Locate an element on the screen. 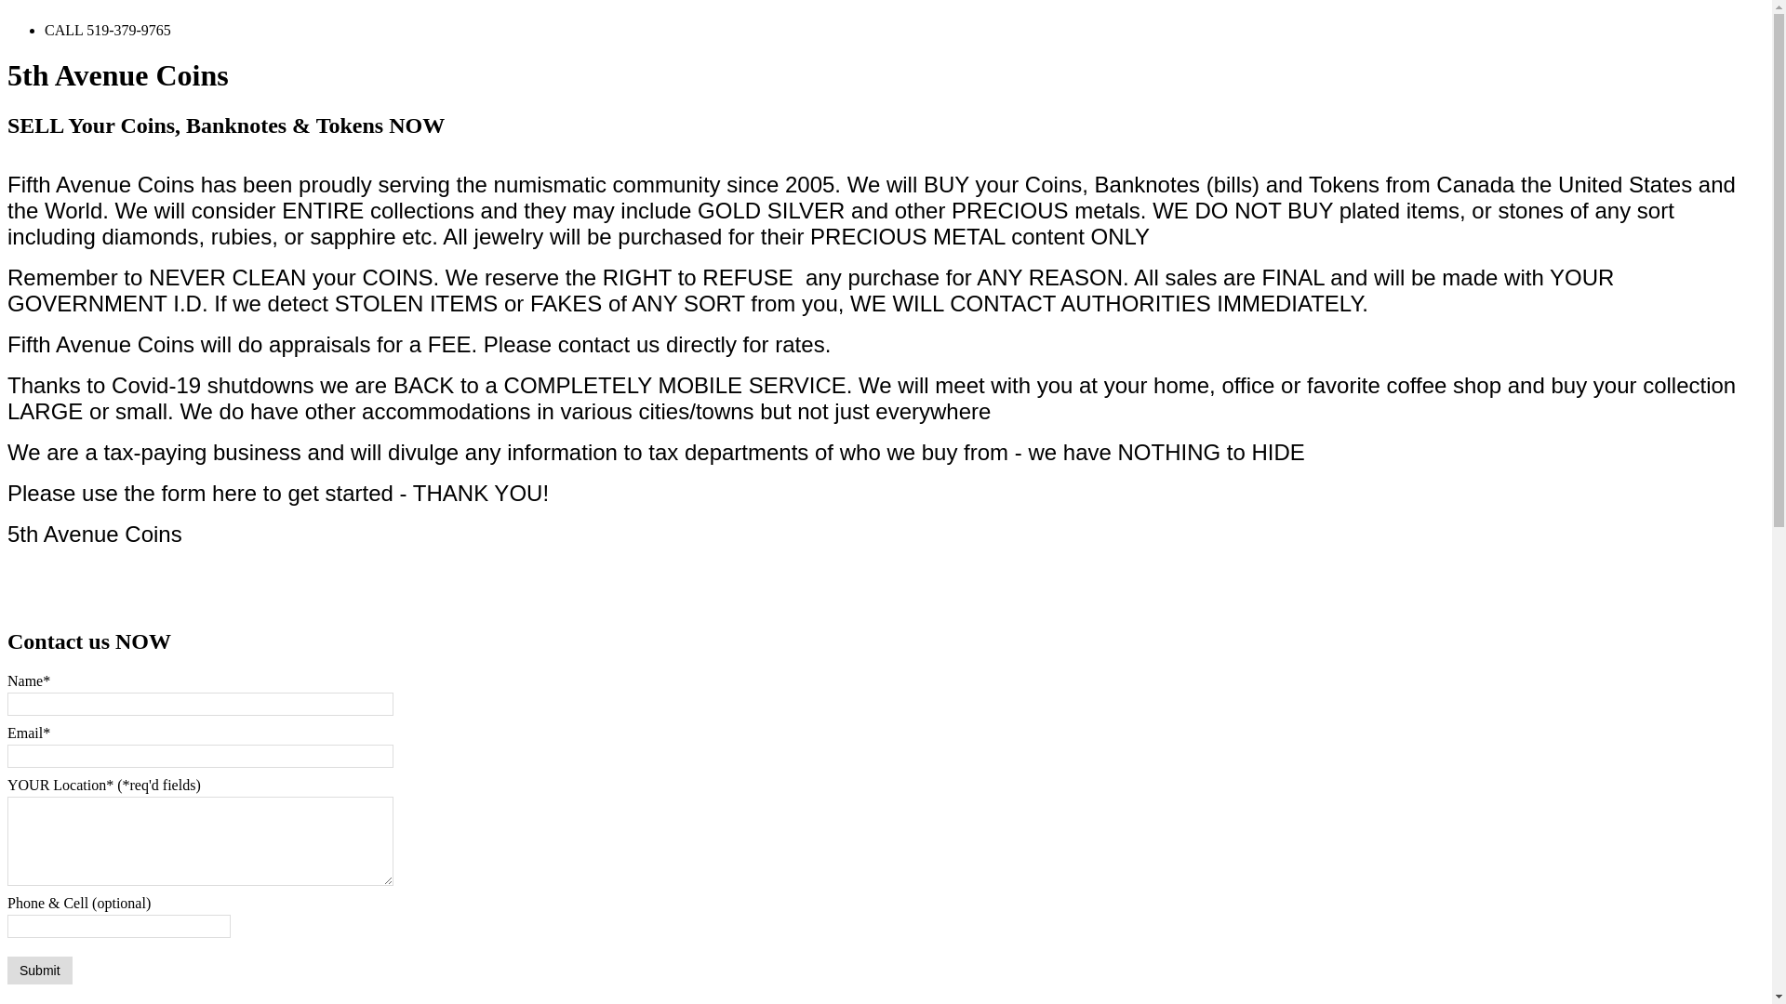 The width and height of the screenshot is (1786, 1004). 'Submit' is located at coordinates (7, 970).